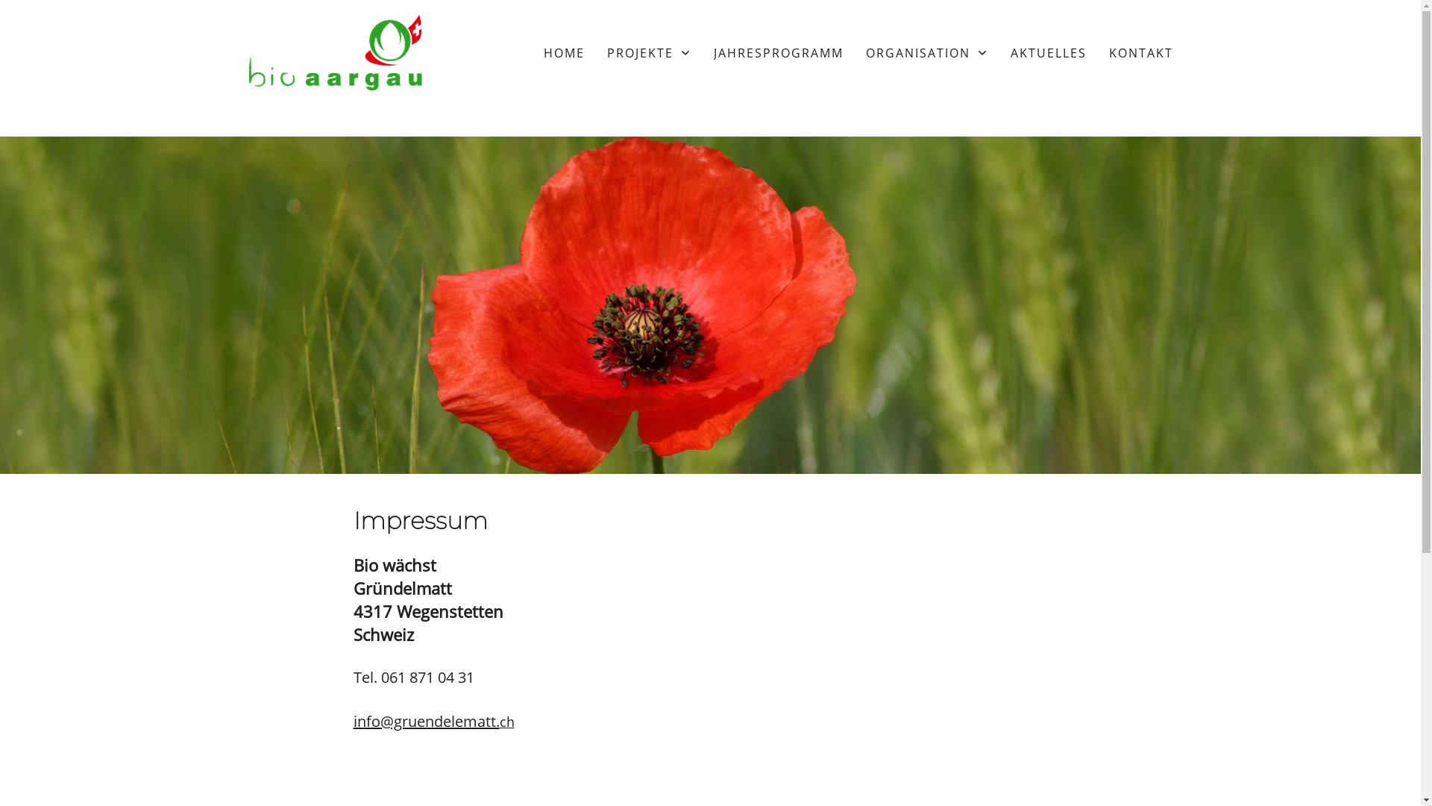  What do you see at coordinates (649, 51) in the screenshot?
I see `'PROJEKTE'` at bounding box center [649, 51].